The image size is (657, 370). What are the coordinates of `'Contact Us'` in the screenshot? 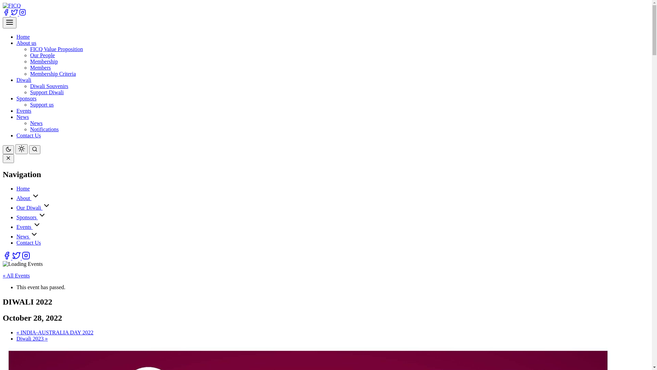 It's located at (28, 242).